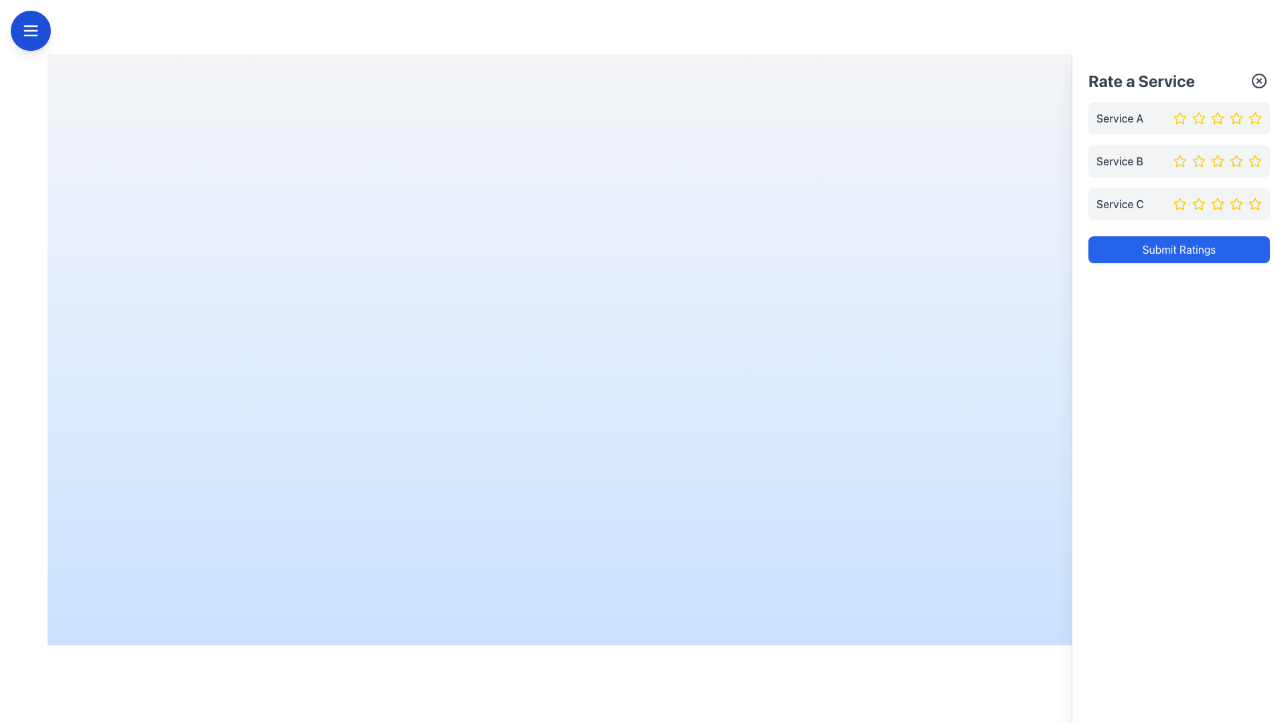  I want to click on the fifth star in the row of rating stars for Service B in the 'Rate a Service' section, so click(1236, 160).